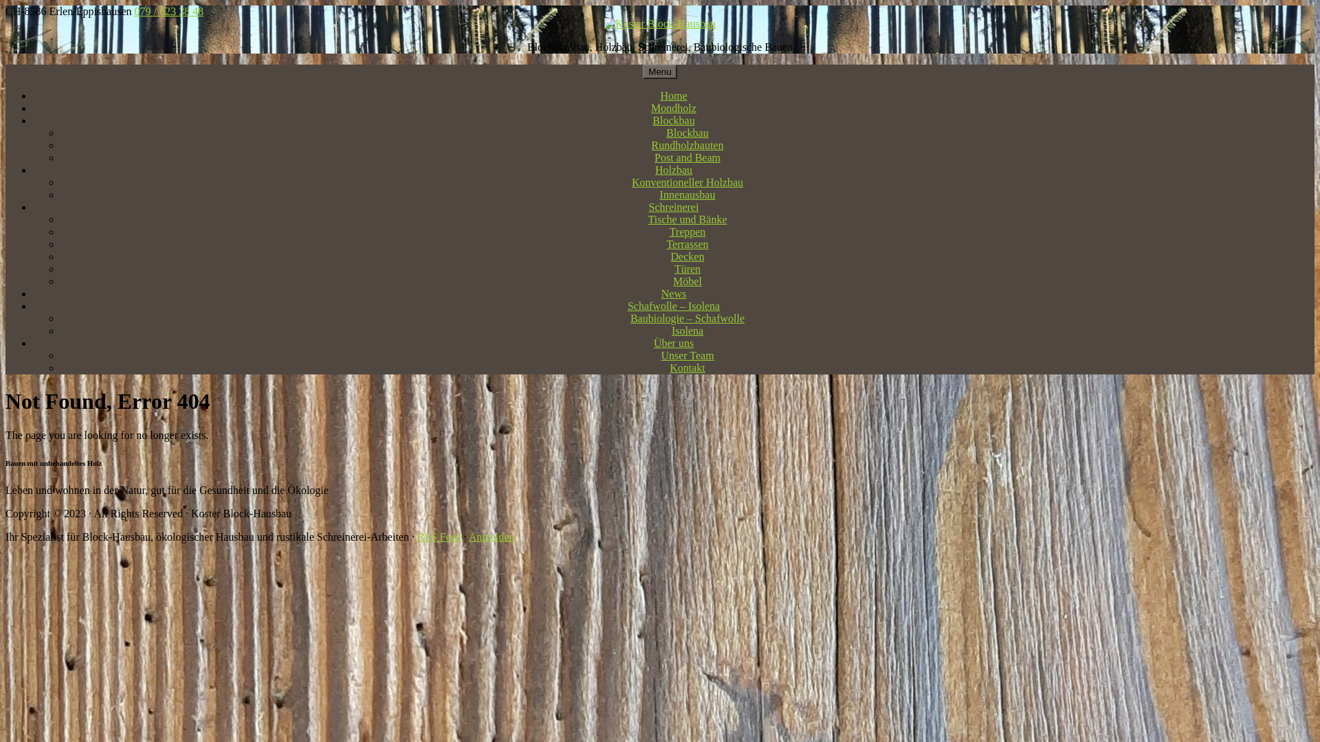  What do you see at coordinates (673, 293) in the screenshot?
I see `'News'` at bounding box center [673, 293].